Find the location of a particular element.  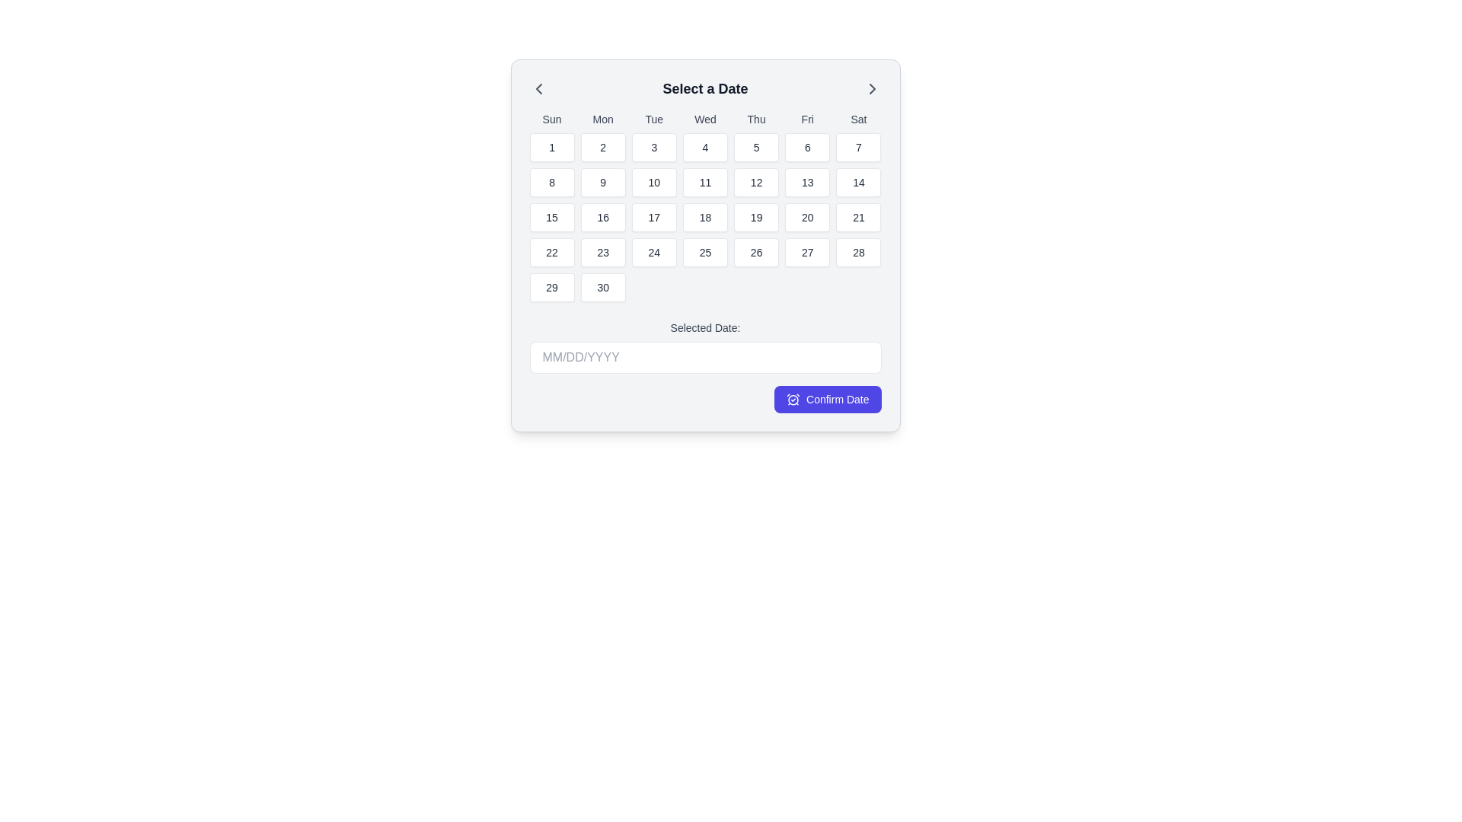

the rectangular button with a white background, containing the number '6' in bold dark gray font, located in the second row of the grid, sixth from the left is located at coordinates (806, 147).